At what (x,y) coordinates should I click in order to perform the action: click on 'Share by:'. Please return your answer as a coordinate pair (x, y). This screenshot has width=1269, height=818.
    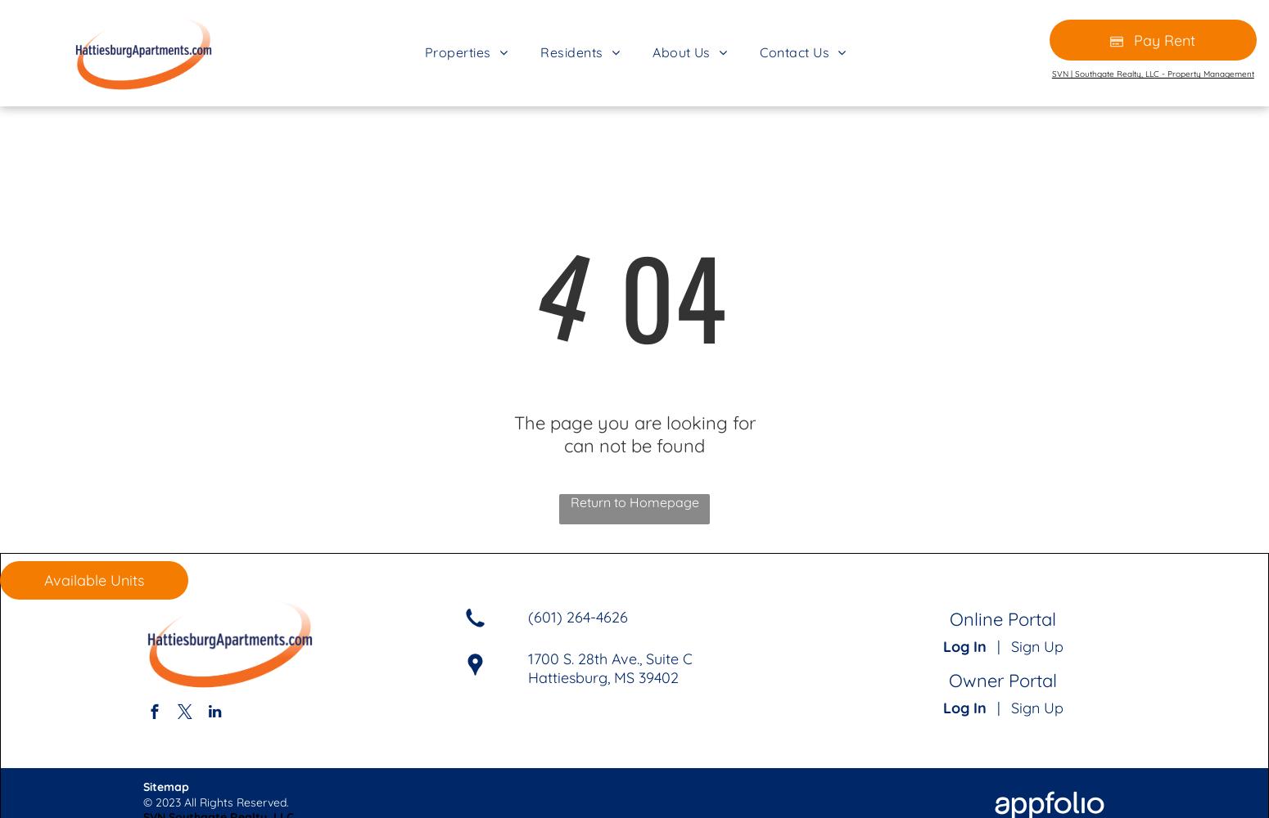
    Looking at the image, I should click on (67, 41).